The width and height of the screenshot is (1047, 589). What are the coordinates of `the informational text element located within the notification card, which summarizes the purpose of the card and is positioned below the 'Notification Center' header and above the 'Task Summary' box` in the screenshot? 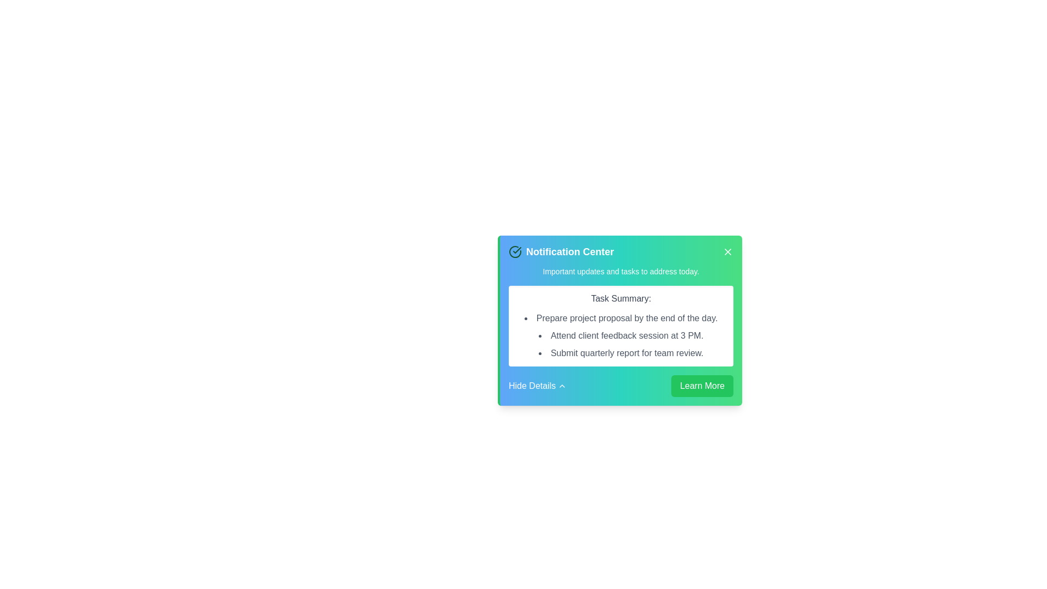 It's located at (621, 271).